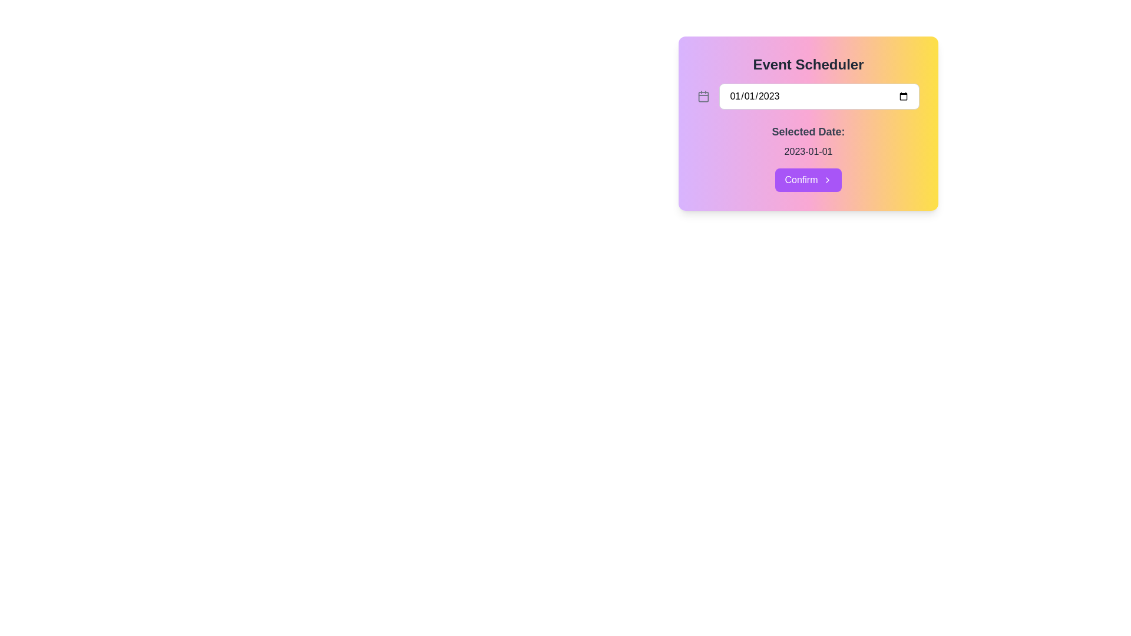 The width and height of the screenshot is (1131, 636). Describe the element at coordinates (801, 180) in the screenshot. I see `the text label indicating a confirmation action, which is centrally located within the purple button beneath the 'Selected Date' section` at that location.